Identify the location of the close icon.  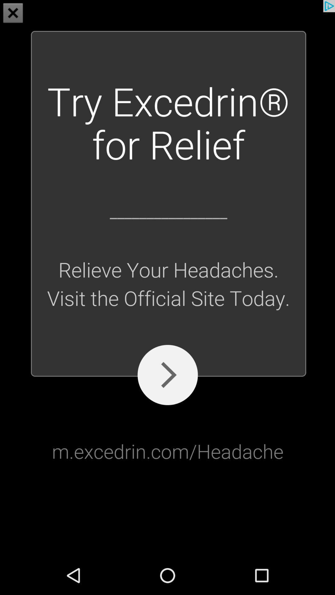
(13, 14).